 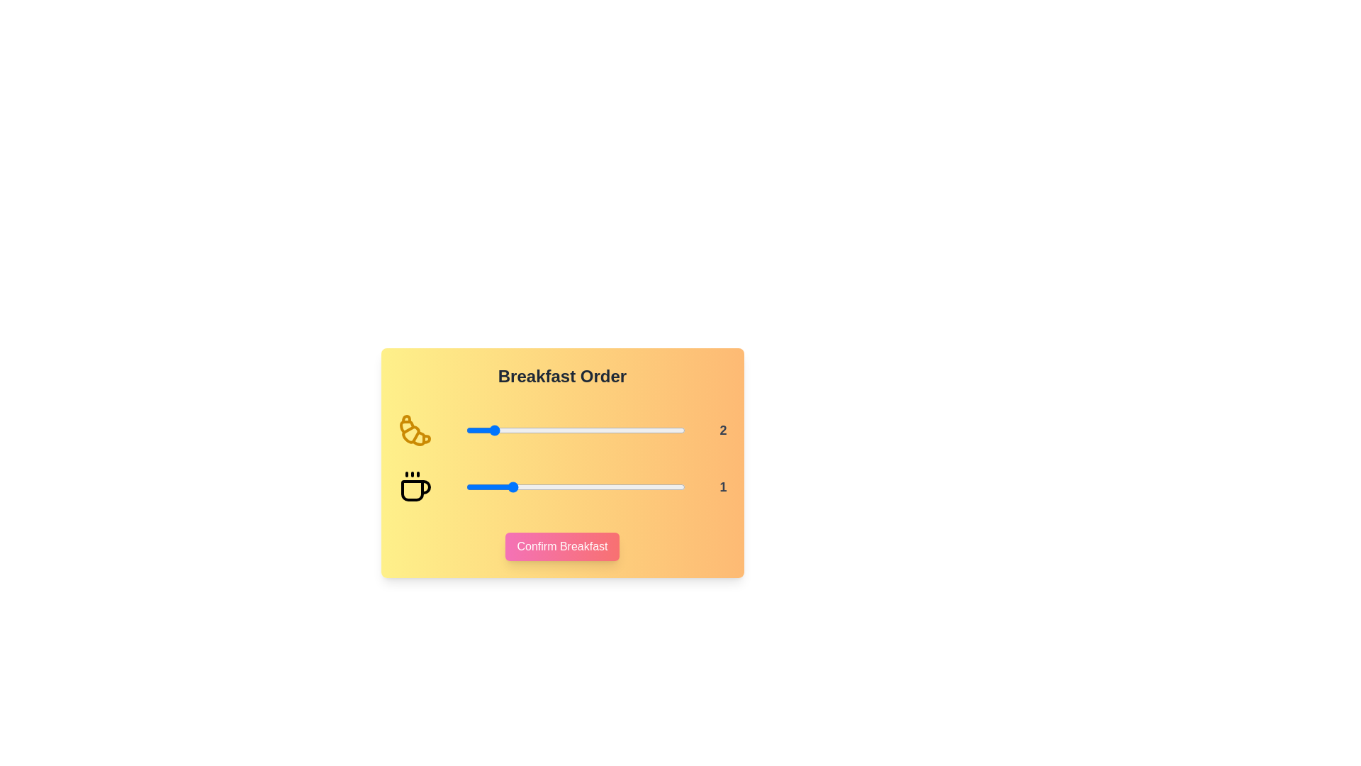 What do you see at coordinates (598, 486) in the screenshot?
I see `the coffee quantity to 3 using the slider` at bounding box center [598, 486].